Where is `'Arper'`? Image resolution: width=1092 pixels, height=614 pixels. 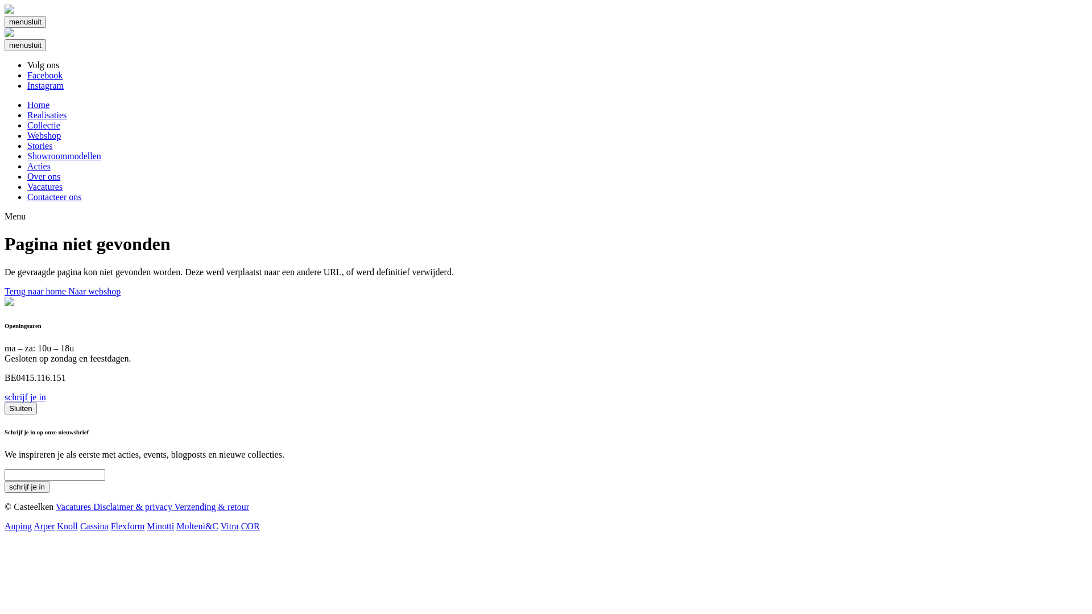
'Arper' is located at coordinates (44, 526).